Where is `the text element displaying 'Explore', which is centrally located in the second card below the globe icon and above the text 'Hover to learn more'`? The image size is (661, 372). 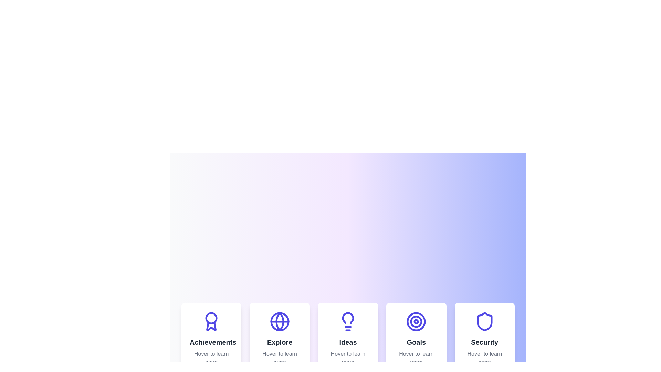 the text element displaying 'Explore', which is centrally located in the second card below the globe icon and above the text 'Hover to learn more' is located at coordinates (280, 342).